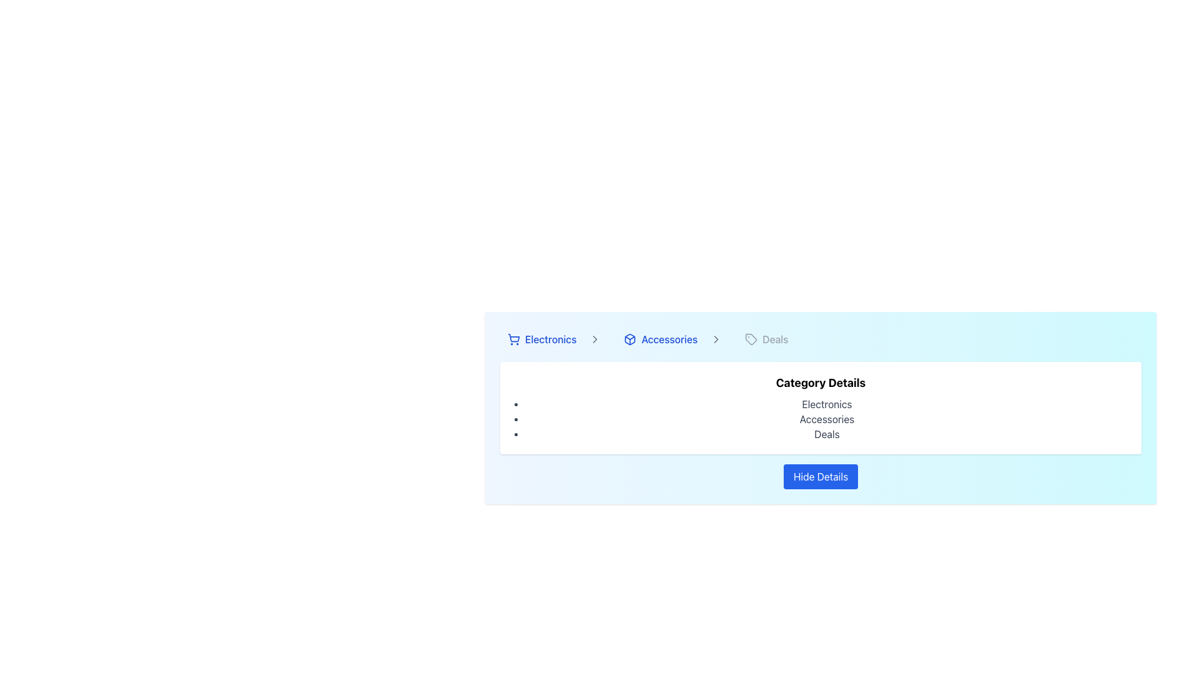 The height and width of the screenshot is (674, 1199). What do you see at coordinates (774, 339) in the screenshot?
I see `the text label displaying 'Deals' in the breadcrumb navigation bar` at bounding box center [774, 339].